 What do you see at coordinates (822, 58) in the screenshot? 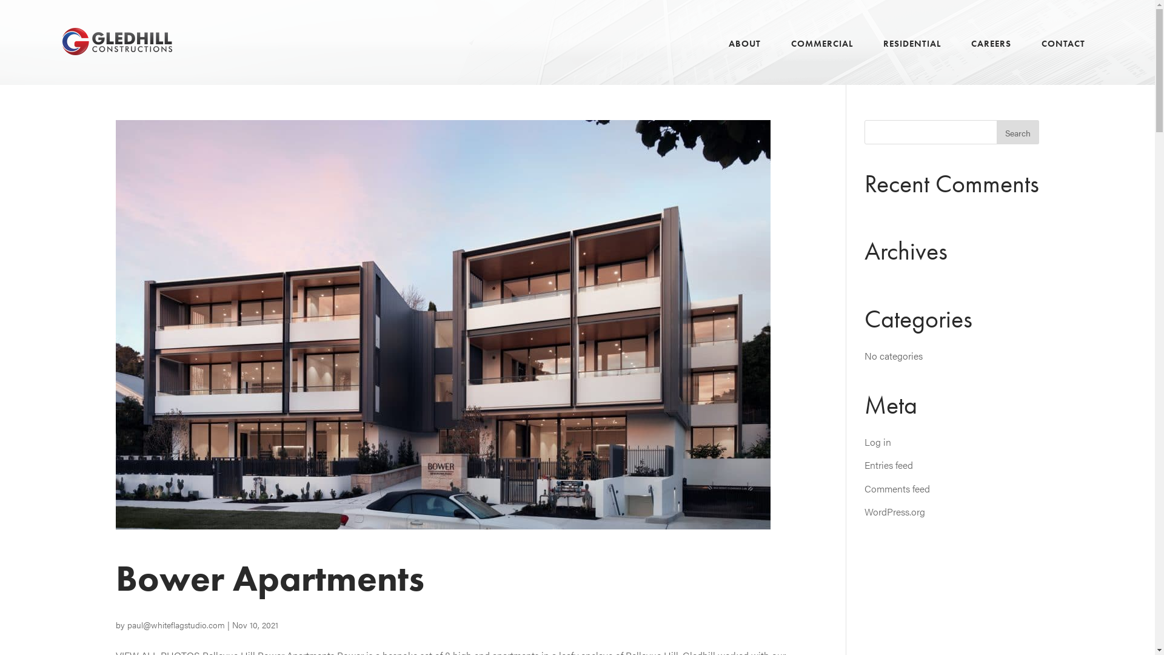
I see `'COMMERCIAL'` at bounding box center [822, 58].